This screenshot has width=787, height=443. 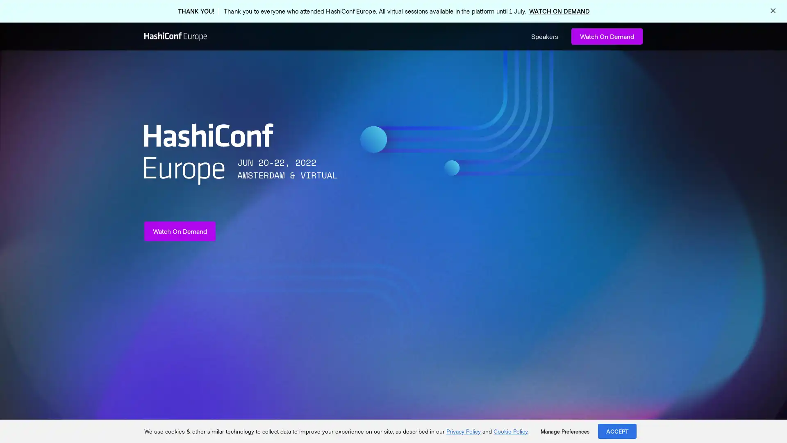 I want to click on ACCEPT, so click(x=617, y=431).